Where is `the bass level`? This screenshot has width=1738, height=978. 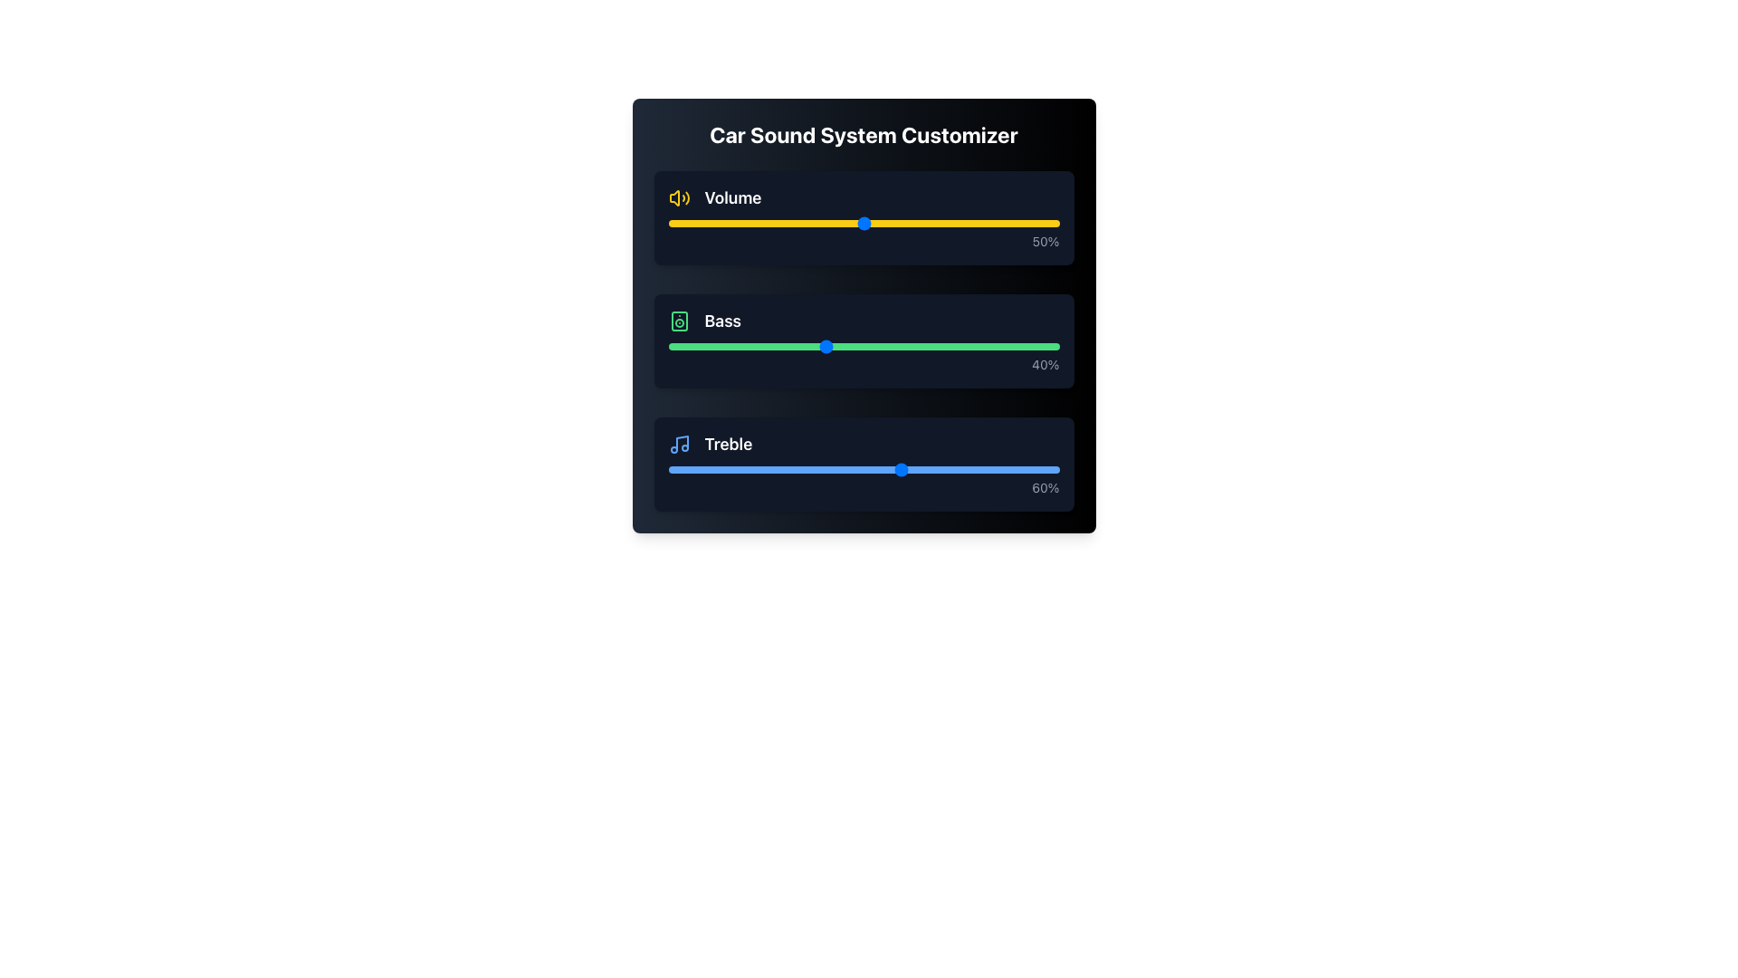 the bass level is located at coordinates (800, 346).